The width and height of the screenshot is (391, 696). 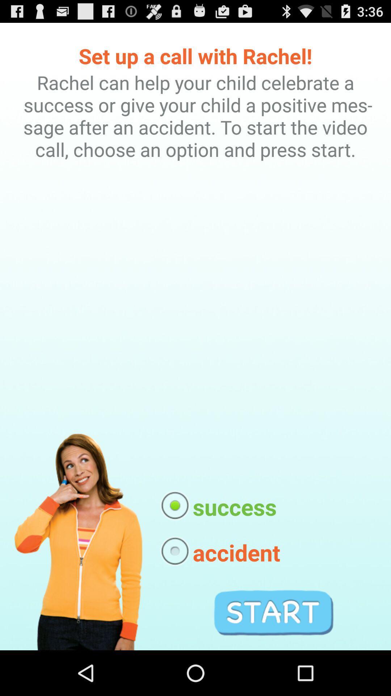 What do you see at coordinates (274, 612) in the screenshot?
I see `the icon at the bottom right corner` at bounding box center [274, 612].